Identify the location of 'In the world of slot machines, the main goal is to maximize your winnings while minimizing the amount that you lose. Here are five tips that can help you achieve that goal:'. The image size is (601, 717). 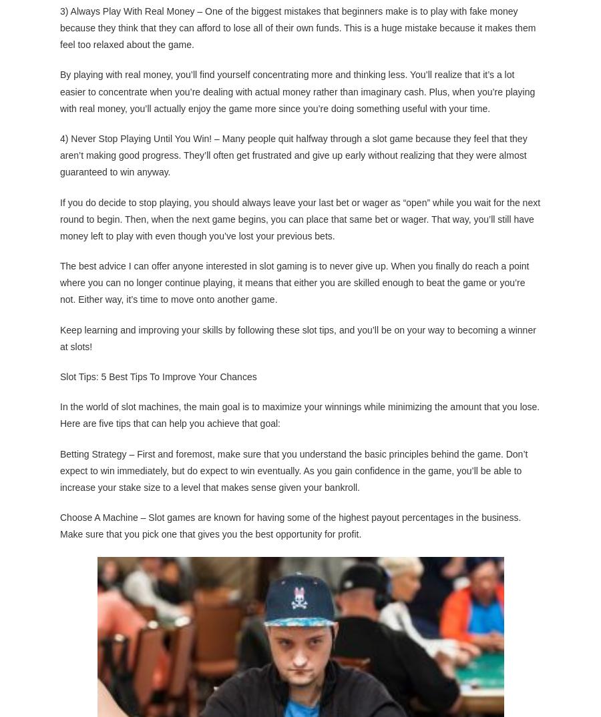
(300, 414).